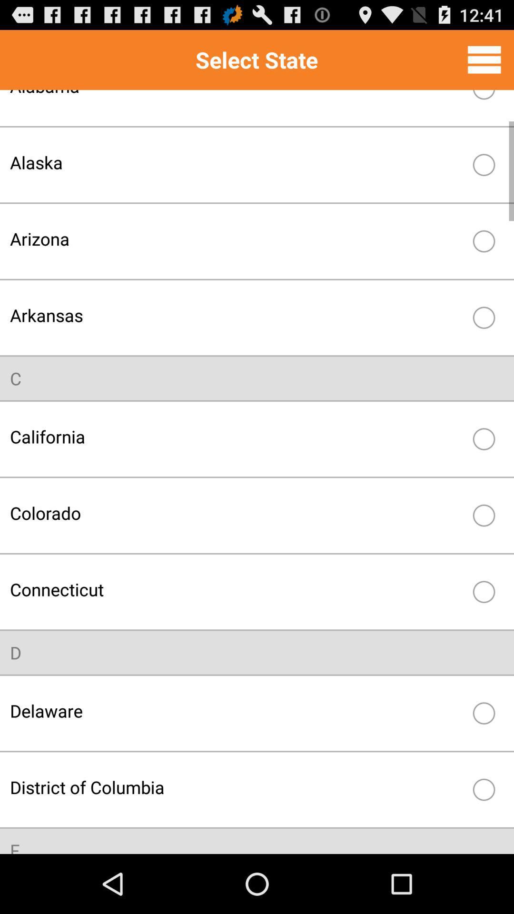 The image size is (514, 914). What do you see at coordinates (236, 512) in the screenshot?
I see `the item above the connecticut` at bounding box center [236, 512].